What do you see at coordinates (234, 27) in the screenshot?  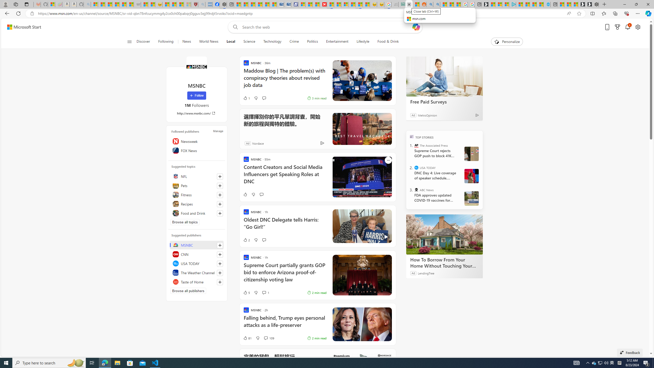 I see `'Web search'` at bounding box center [234, 27].